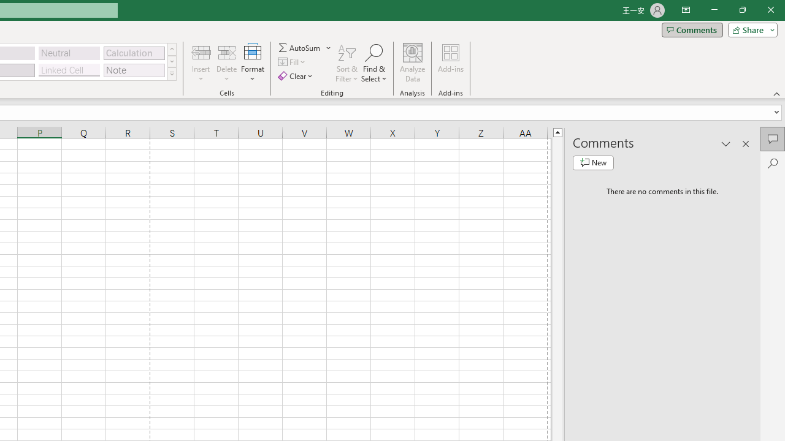  What do you see at coordinates (745, 143) in the screenshot?
I see `'Close pane'` at bounding box center [745, 143].